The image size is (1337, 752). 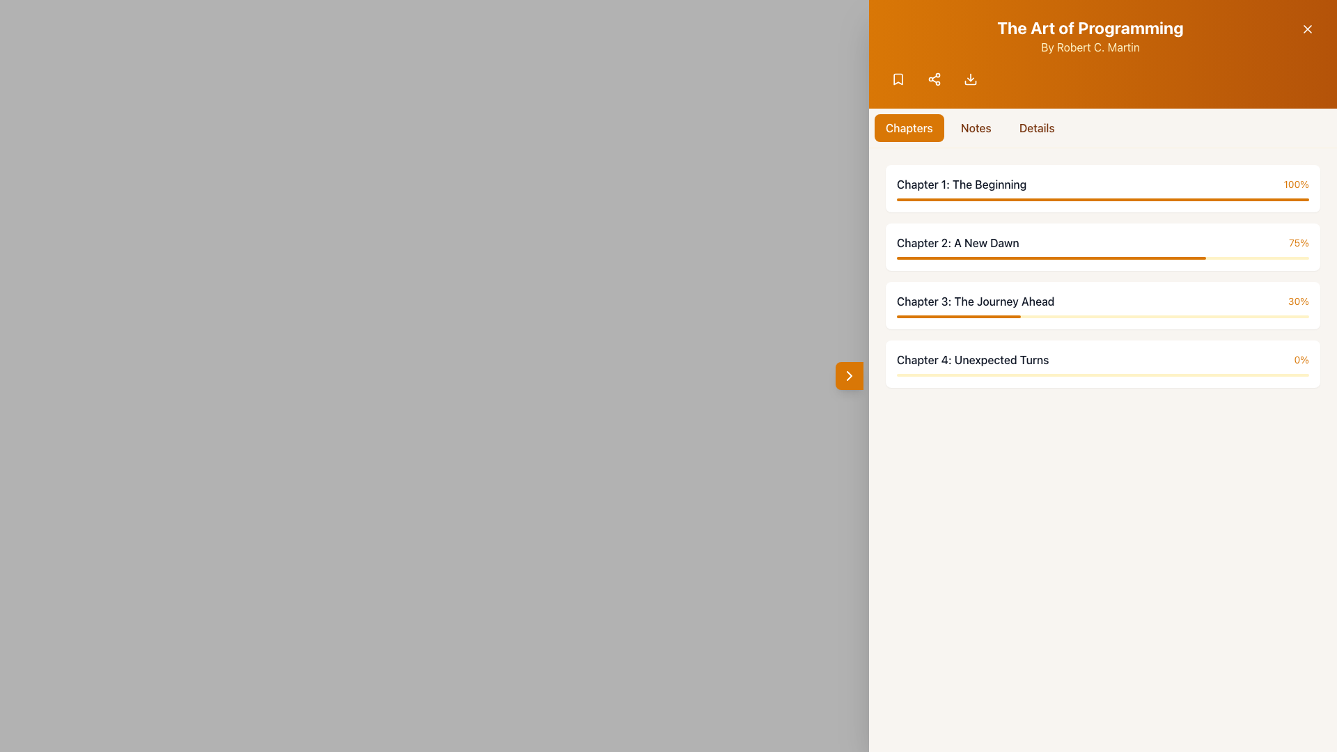 I want to click on the progress tracker titled 'Chapter 2: A New Dawn', so click(x=1102, y=246).